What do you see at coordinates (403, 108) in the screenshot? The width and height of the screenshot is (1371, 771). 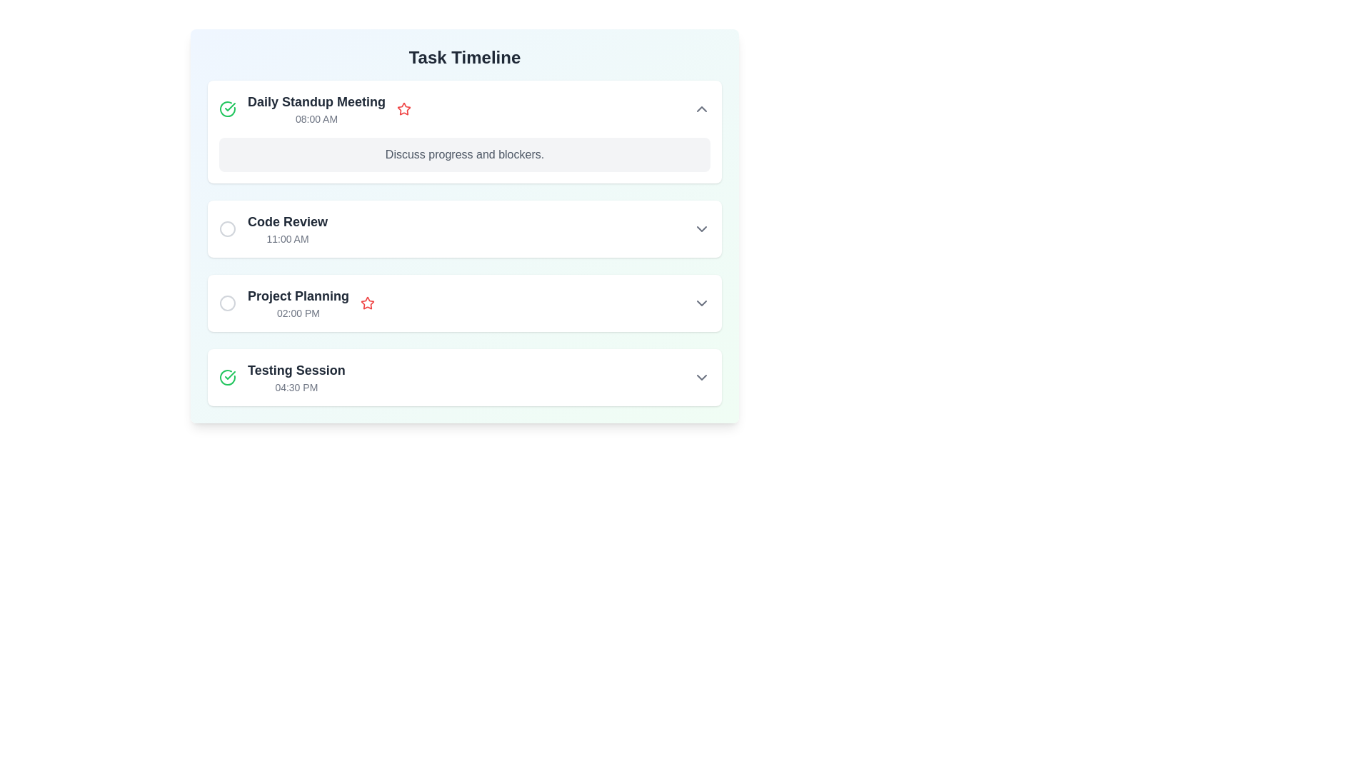 I see `the star icon located immediately to the right of the 'Project Planning' text in the task list, which is used to mark or highlight tasks` at bounding box center [403, 108].